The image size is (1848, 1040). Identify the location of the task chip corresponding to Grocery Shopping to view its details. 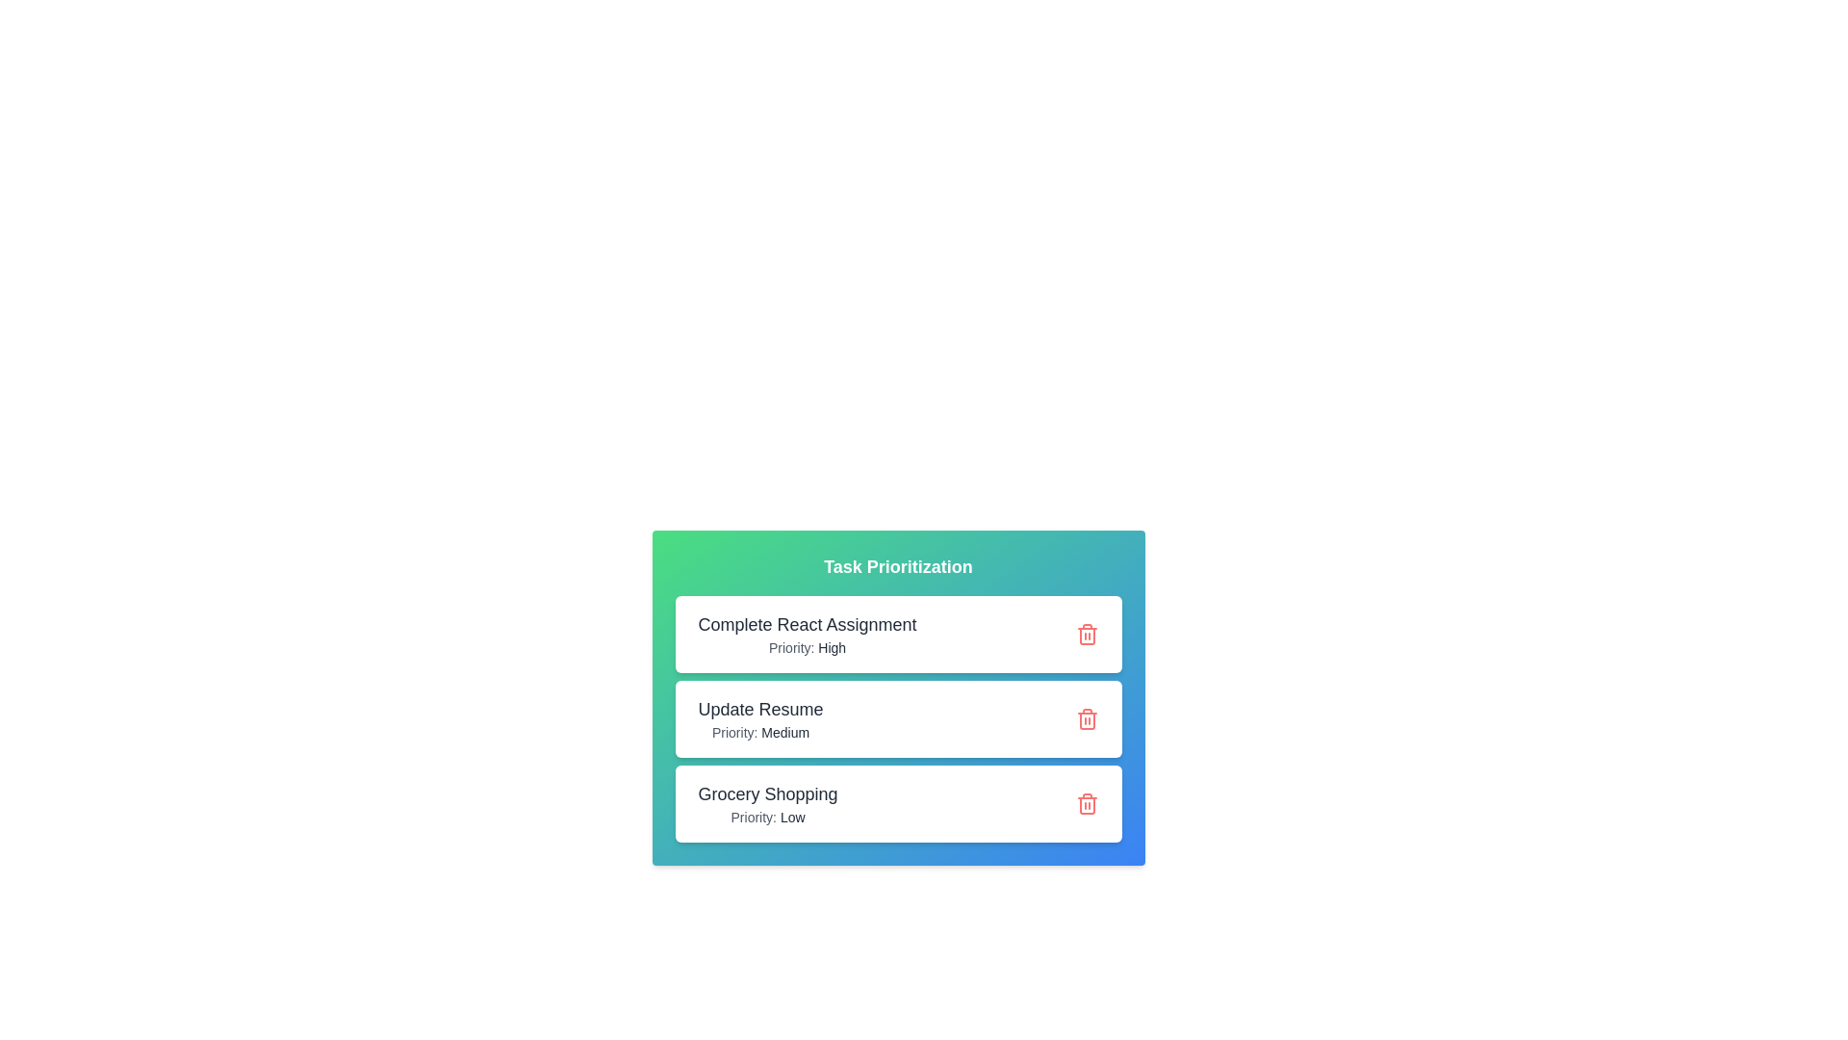
(897, 803).